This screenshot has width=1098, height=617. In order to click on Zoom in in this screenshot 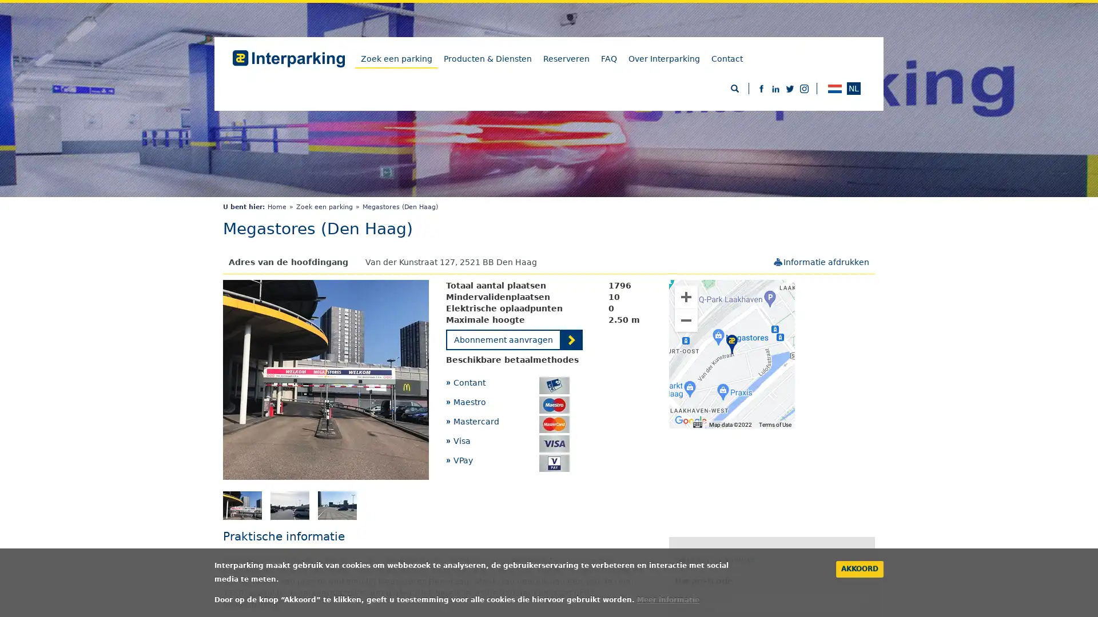, I will do `click(686, 297)`.